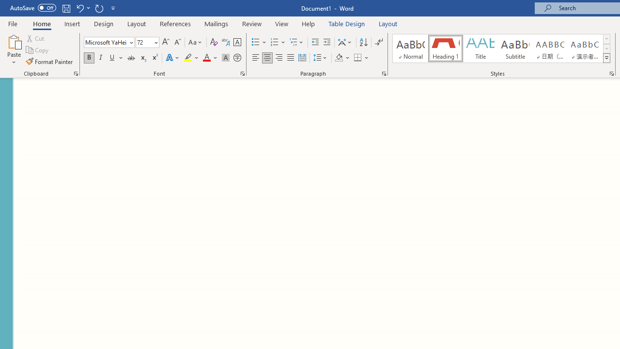 This screenshot has height=349, width=620. What do you see at coordinates (63, 8) in the screenshot?
I see `'Quick Access Toolbar'` at bounding box center [63, 8].